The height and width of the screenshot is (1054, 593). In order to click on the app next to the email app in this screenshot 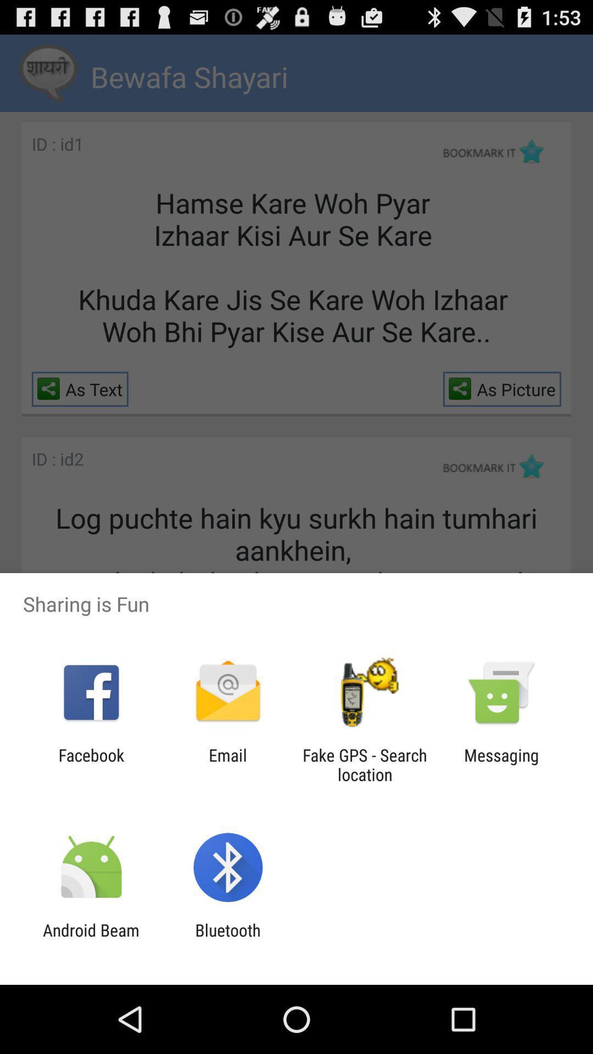, I will do `click(365, 764)`.